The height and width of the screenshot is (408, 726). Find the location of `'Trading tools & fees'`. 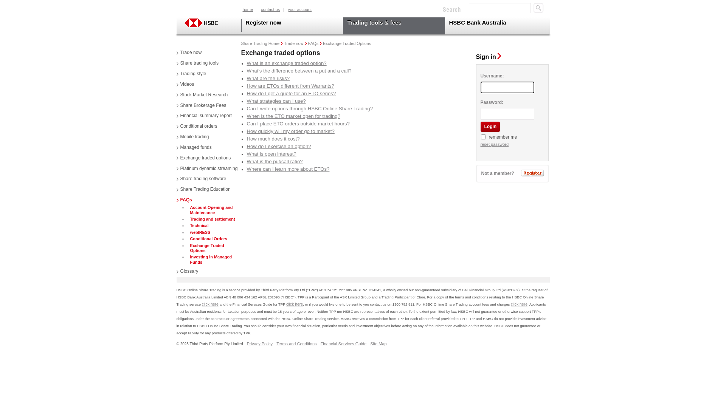

'Trading tools & fees' is located at coordinates (393, 25).